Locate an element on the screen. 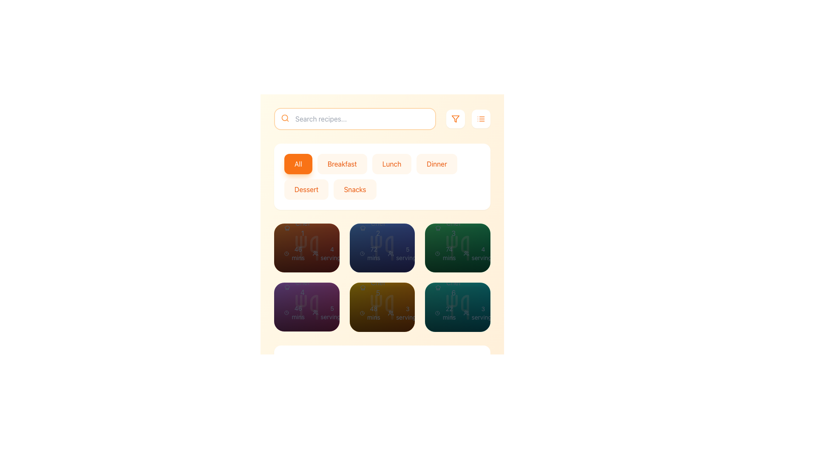  the filtering options button located on the right side of the search input box in the top portion of the interface is located at coordinates (455, 119).